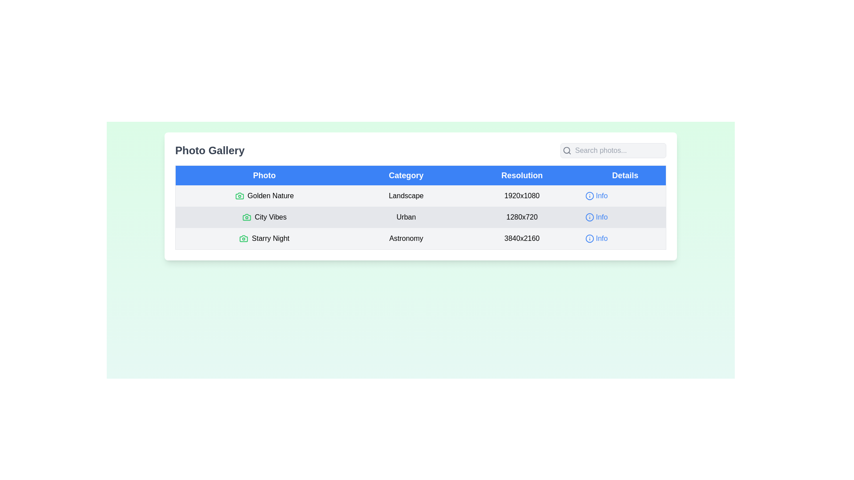  I want to click on the 'Starry Night' text in the third row of the 'Photo' column in the Photo Gallery table, so click(264, 238).